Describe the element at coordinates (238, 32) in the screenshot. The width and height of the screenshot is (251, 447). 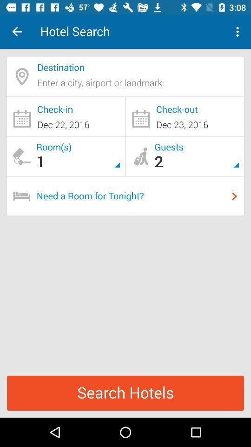
I see `icon next to hotel search item` at that location.